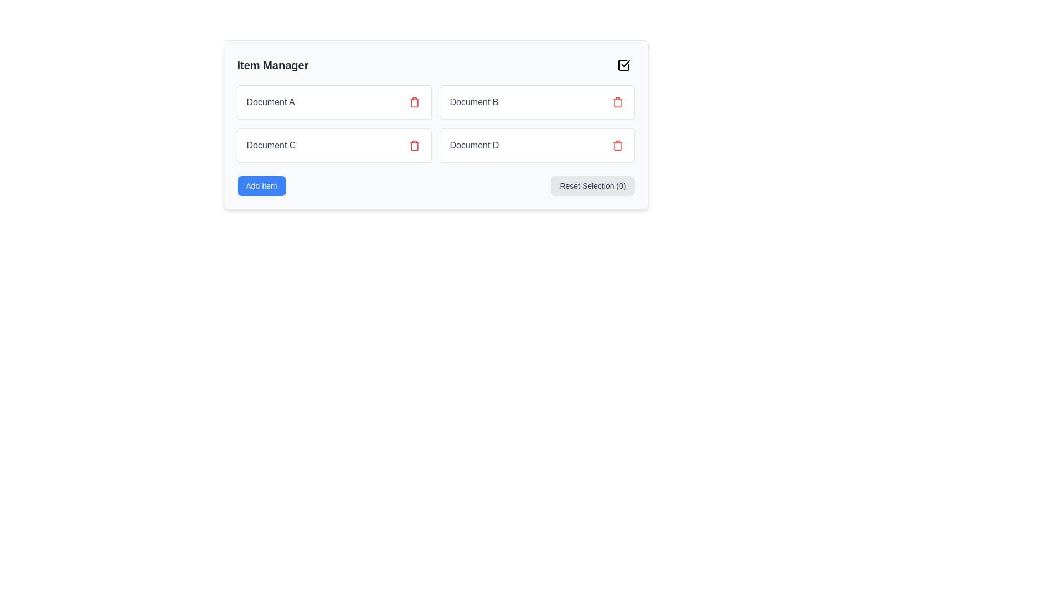 Image resolution: width=1063 pixels, height=598 pixels. I want to click on the square checkmark icon in the top-right section of the 'Item Manager' panel, so click(623, 65).